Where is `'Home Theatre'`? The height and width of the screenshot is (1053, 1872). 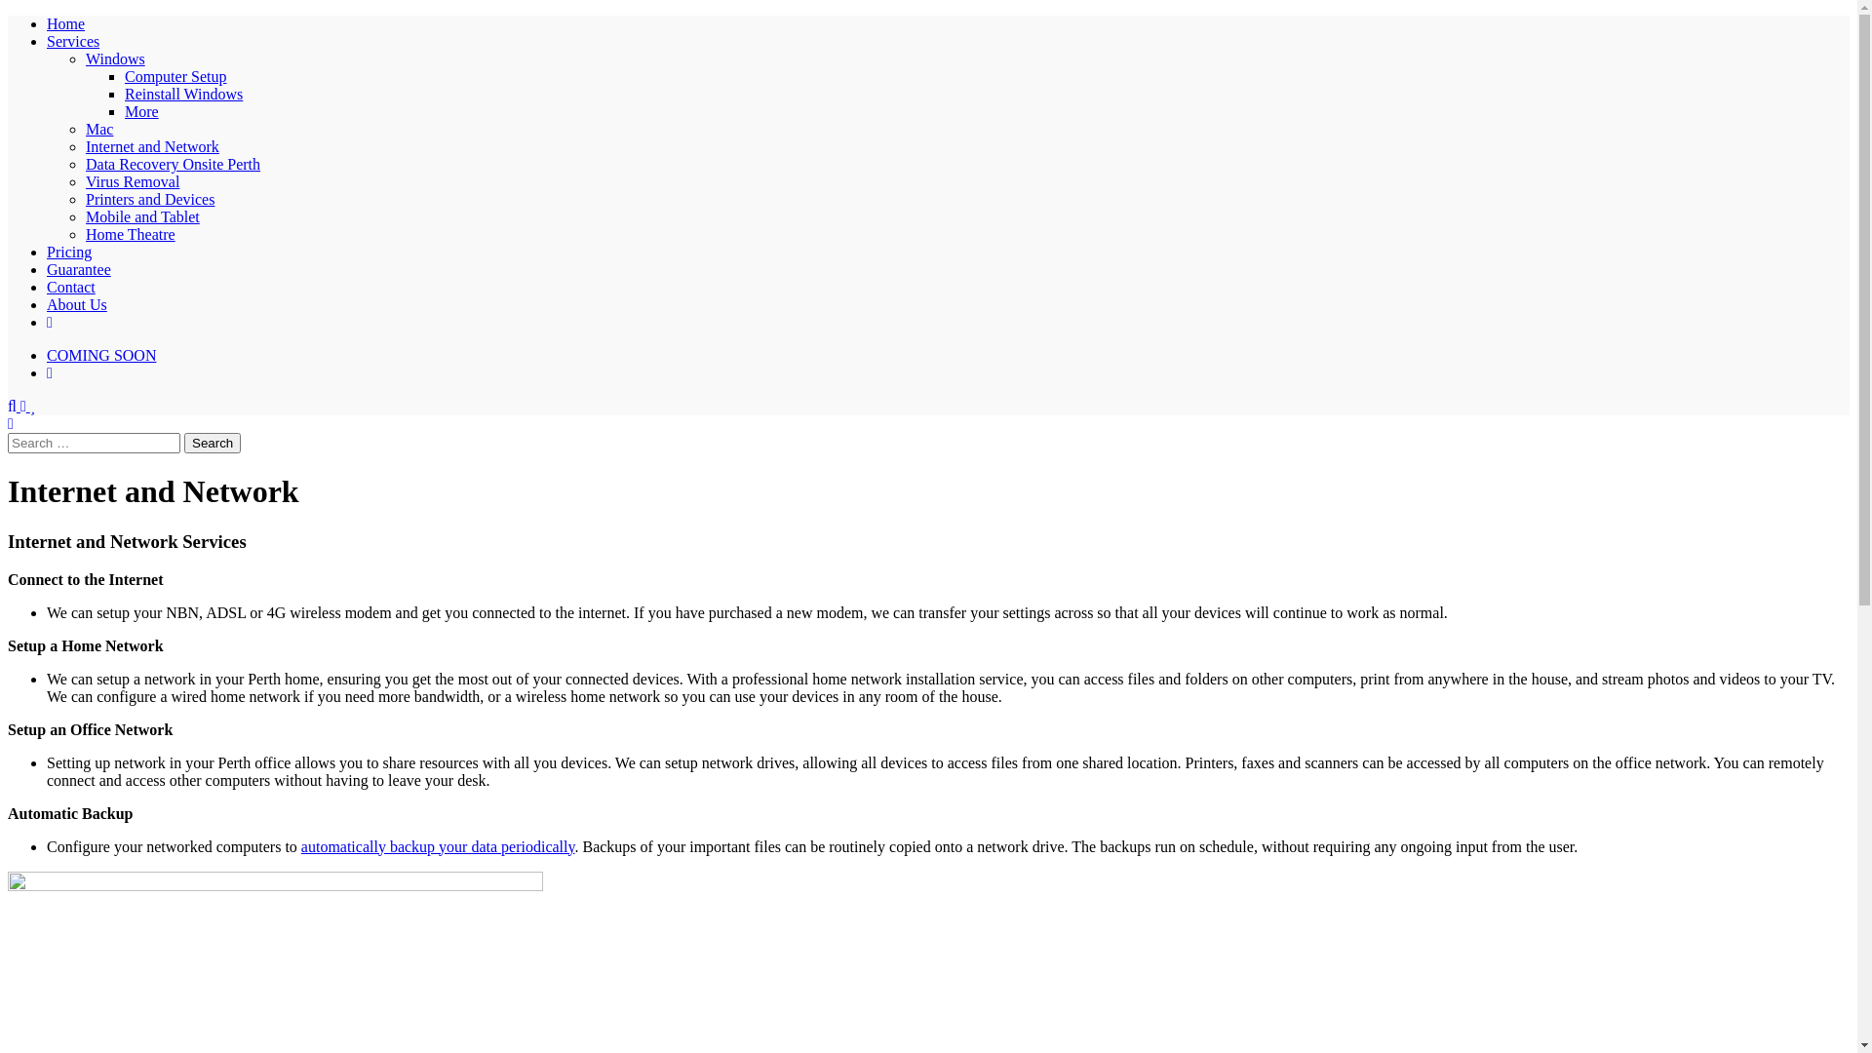 'Home Theatre' is located at coordinates (130, 233).